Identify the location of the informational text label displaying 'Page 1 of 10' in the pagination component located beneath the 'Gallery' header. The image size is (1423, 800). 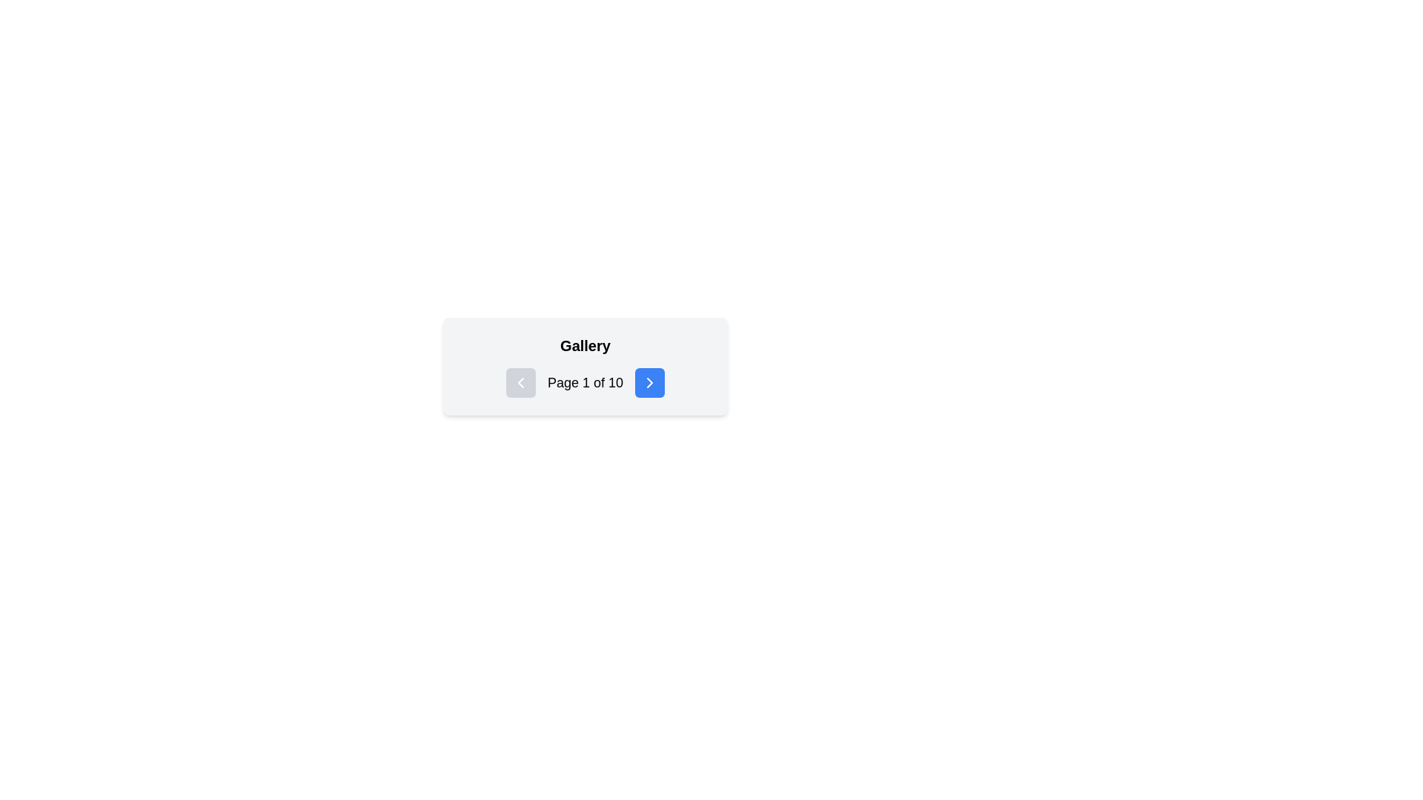
(585, 381).